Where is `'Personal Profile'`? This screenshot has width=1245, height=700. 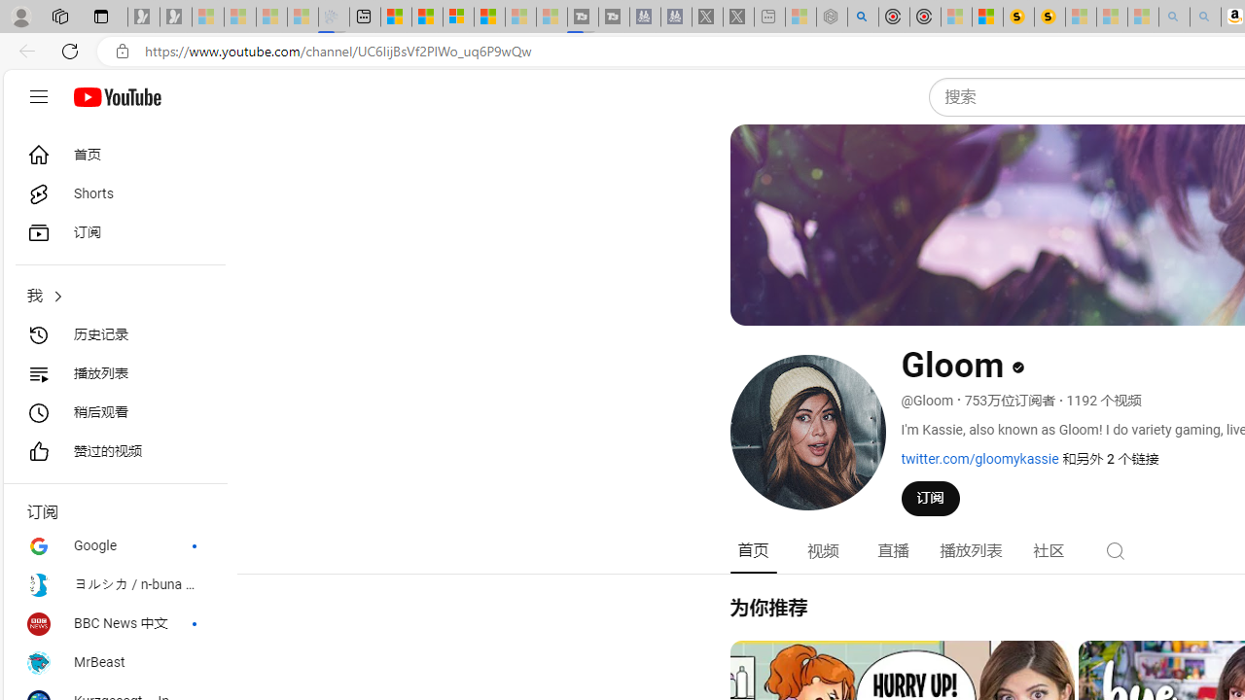
'Personal Profile' is located at coordinates (20, 16).